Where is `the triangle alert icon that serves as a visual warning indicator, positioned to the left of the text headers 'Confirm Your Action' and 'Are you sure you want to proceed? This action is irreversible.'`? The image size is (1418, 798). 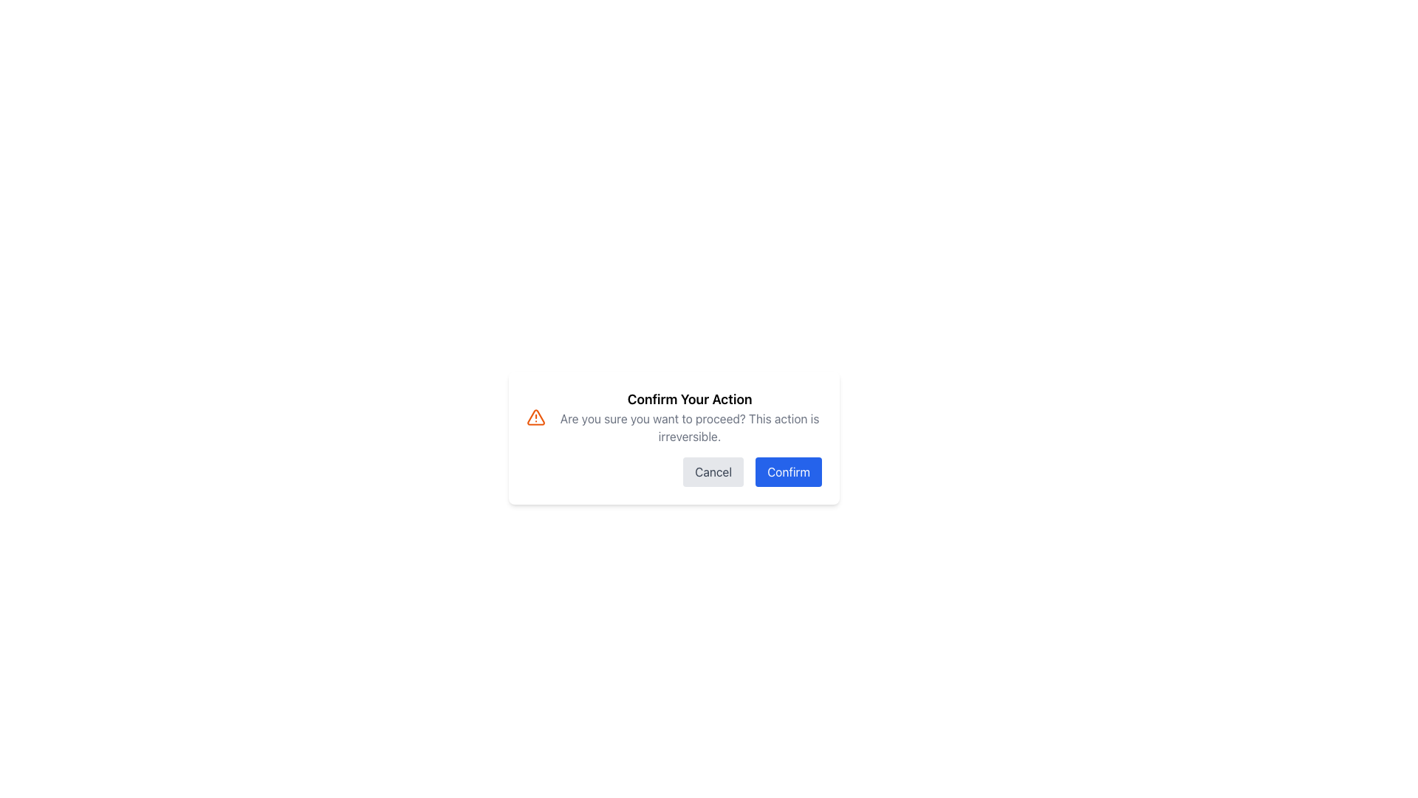 the triangle alert icon that serves as a visual warning indicator, positioned to the left of the text headers 'Confirm Your Action' and 'Are you sure you want to proceed? This action is irreversible.' is located at coordinates (535, 417).